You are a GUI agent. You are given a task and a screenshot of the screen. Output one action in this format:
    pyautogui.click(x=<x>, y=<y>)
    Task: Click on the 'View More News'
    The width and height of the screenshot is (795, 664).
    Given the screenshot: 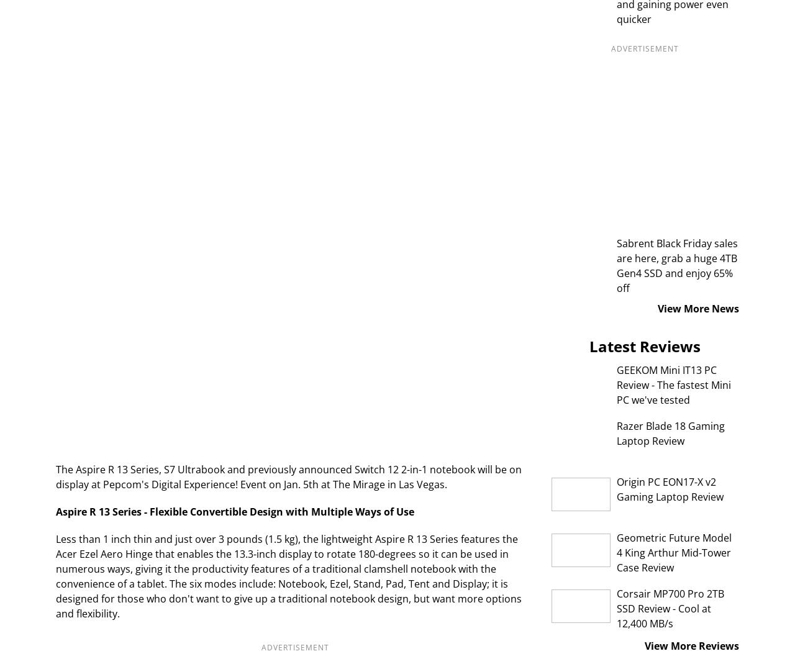 What is the action you would take?
    pyautogui.click(x=698, y=307)
    